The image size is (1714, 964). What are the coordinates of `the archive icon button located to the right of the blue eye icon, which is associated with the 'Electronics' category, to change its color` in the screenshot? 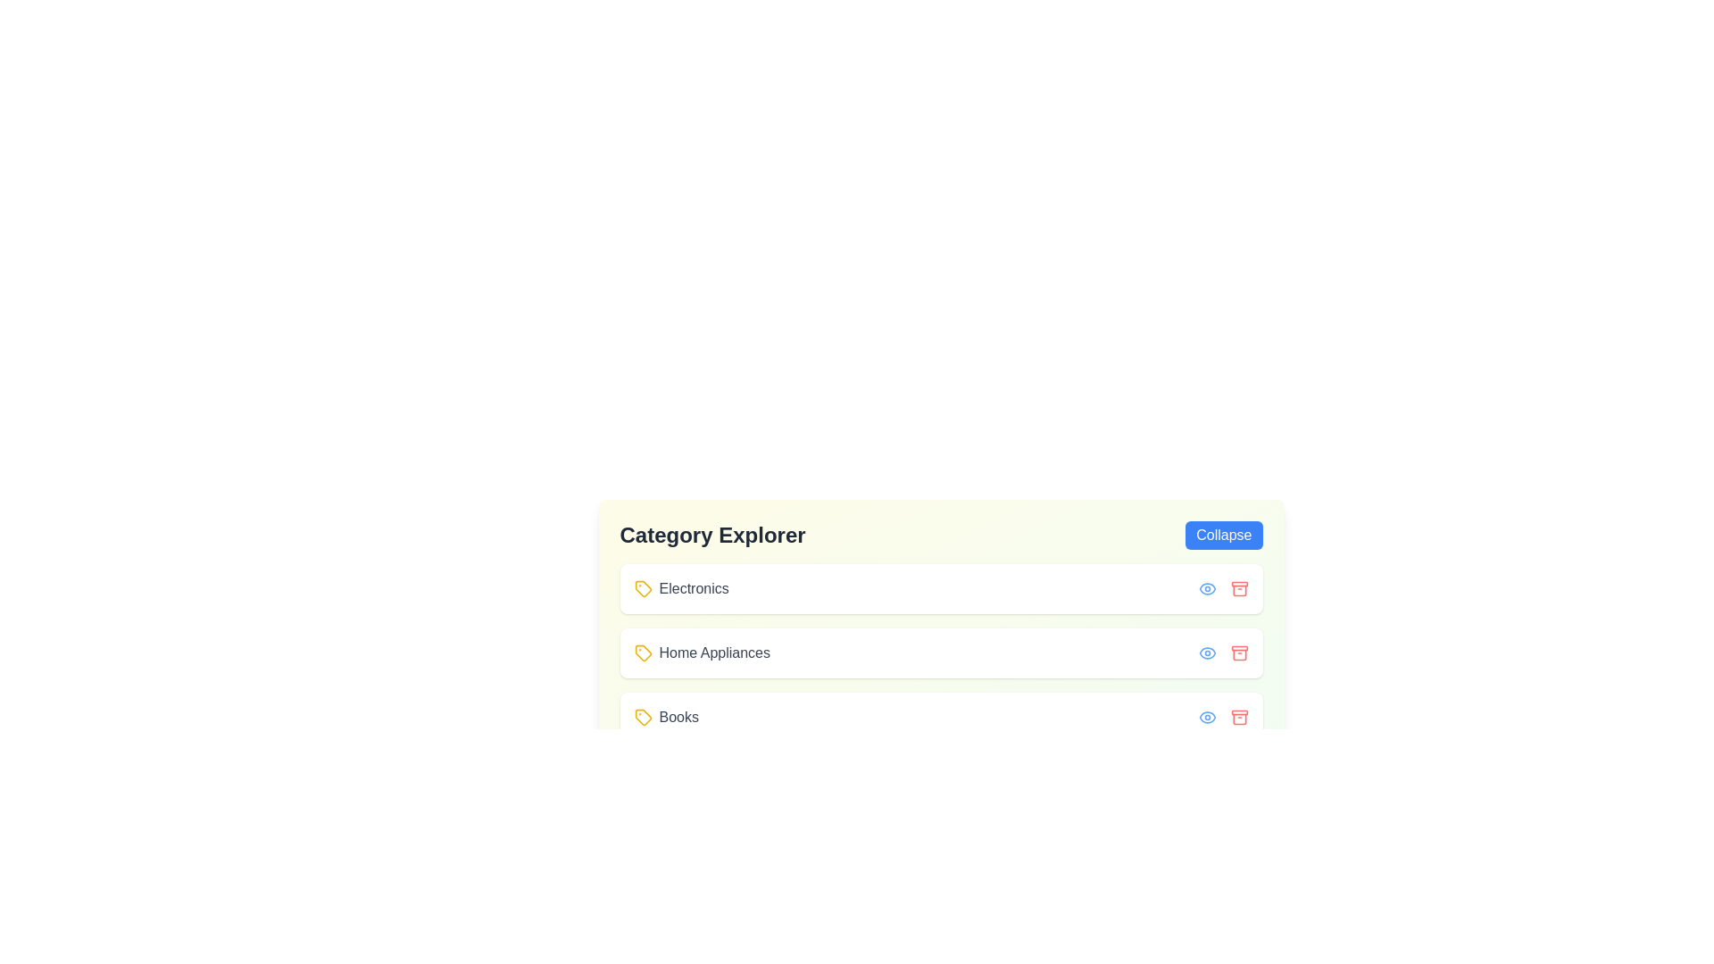 It's located at (1238, 588).